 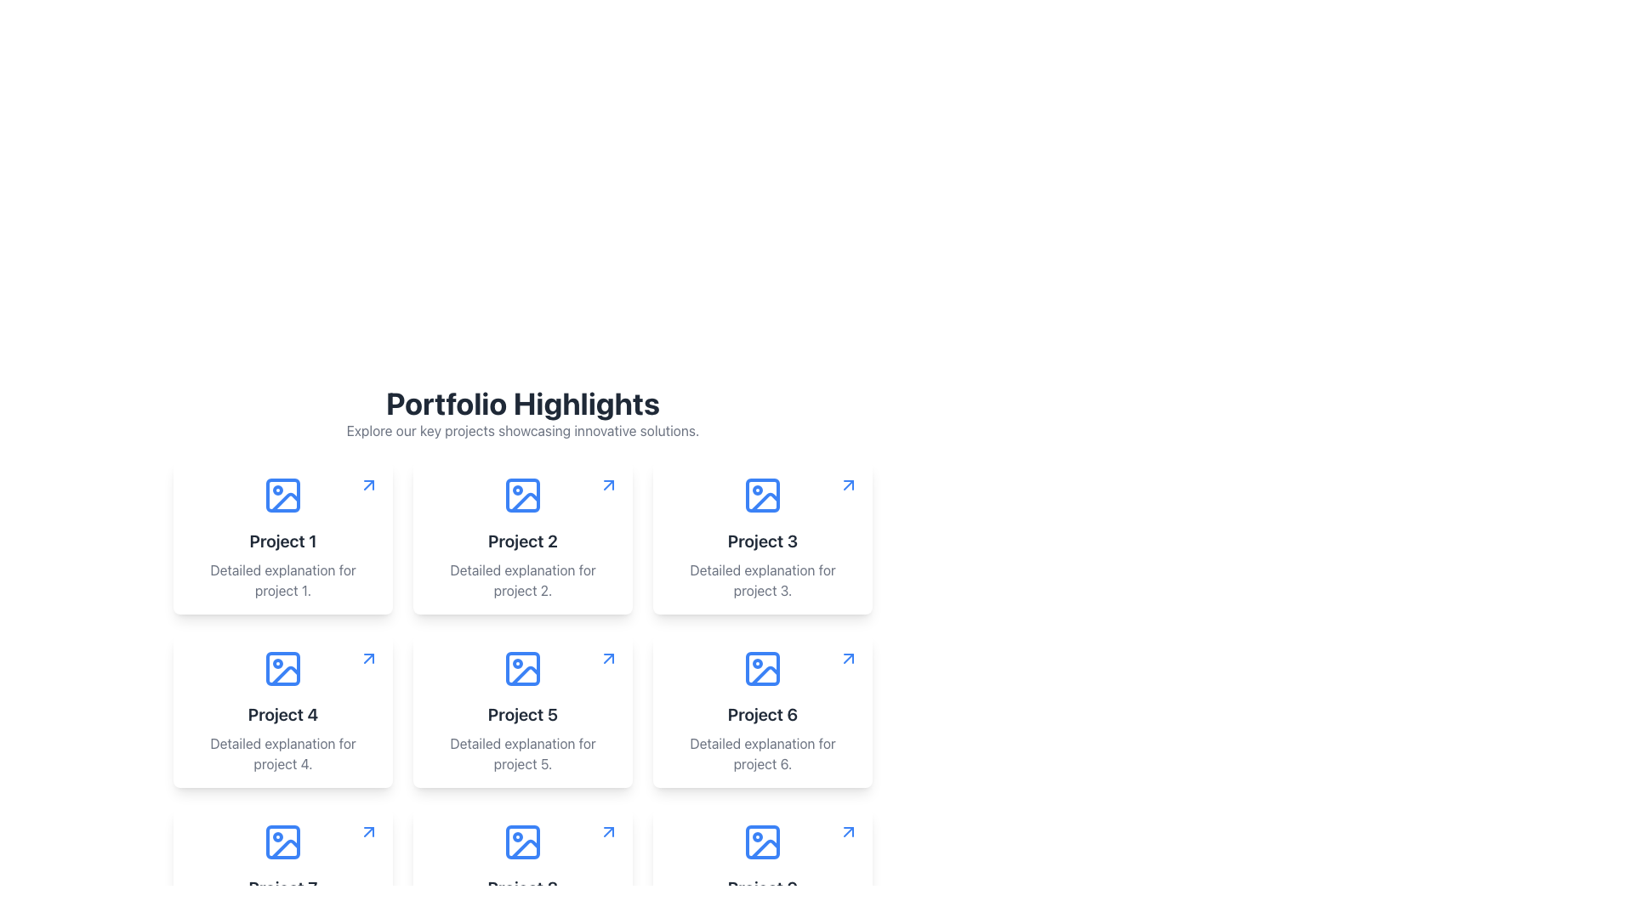 What do you see at coordinates (367, 658) in the screenshot?
I see `the upward-pointing arrow indicator located in the top right corner of the 'Project 4' card in the second row of the layout` at bounding box center [367, 658].